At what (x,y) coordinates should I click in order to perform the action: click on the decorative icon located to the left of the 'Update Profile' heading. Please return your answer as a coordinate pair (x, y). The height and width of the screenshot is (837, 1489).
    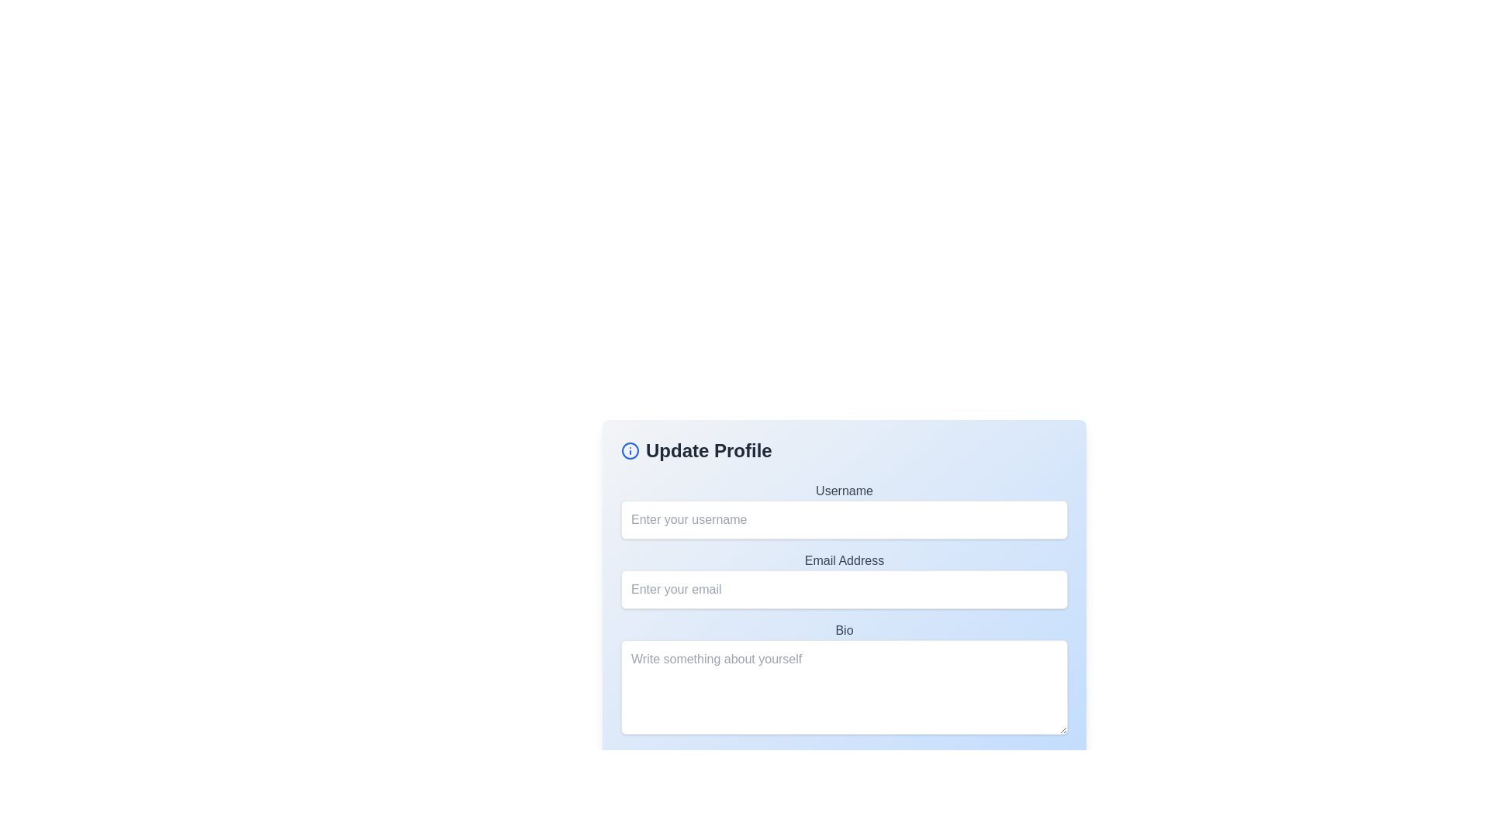
    Looking at the image, I should click on (630, 451).